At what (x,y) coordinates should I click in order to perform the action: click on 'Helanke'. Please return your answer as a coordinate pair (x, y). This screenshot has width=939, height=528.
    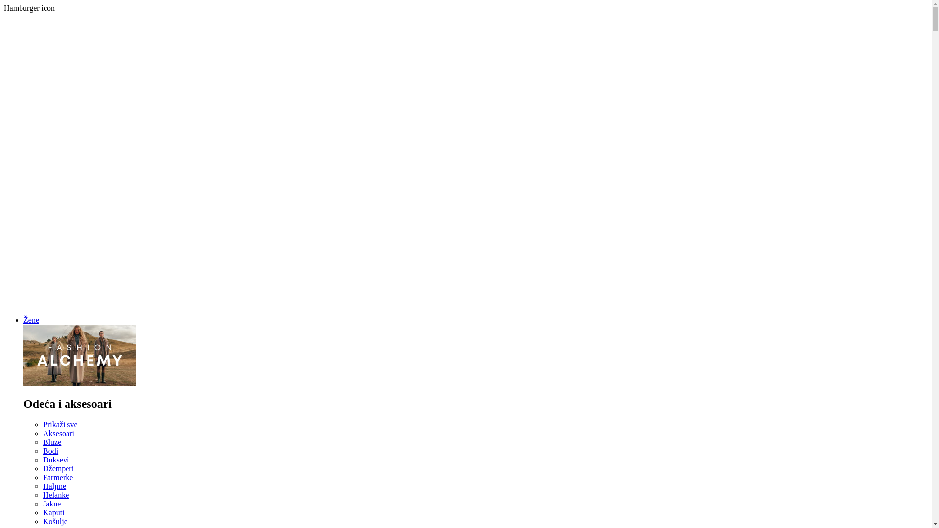
    Looking at the image, I should click on (55, 495).